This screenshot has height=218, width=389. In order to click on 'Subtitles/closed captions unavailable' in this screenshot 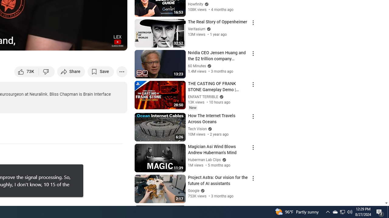, I will do `click(58, 43)`.